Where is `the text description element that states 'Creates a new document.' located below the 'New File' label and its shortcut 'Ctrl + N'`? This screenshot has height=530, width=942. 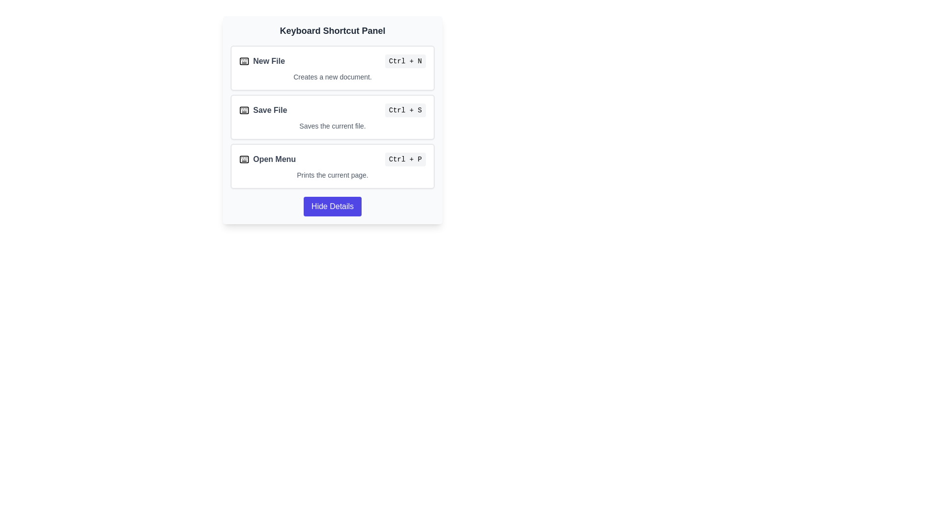
the text description element that states 'Creates a new document.' located below the 'New File' label and its shortcut 'Ctrl + N' is located at coordinates (332, 77).